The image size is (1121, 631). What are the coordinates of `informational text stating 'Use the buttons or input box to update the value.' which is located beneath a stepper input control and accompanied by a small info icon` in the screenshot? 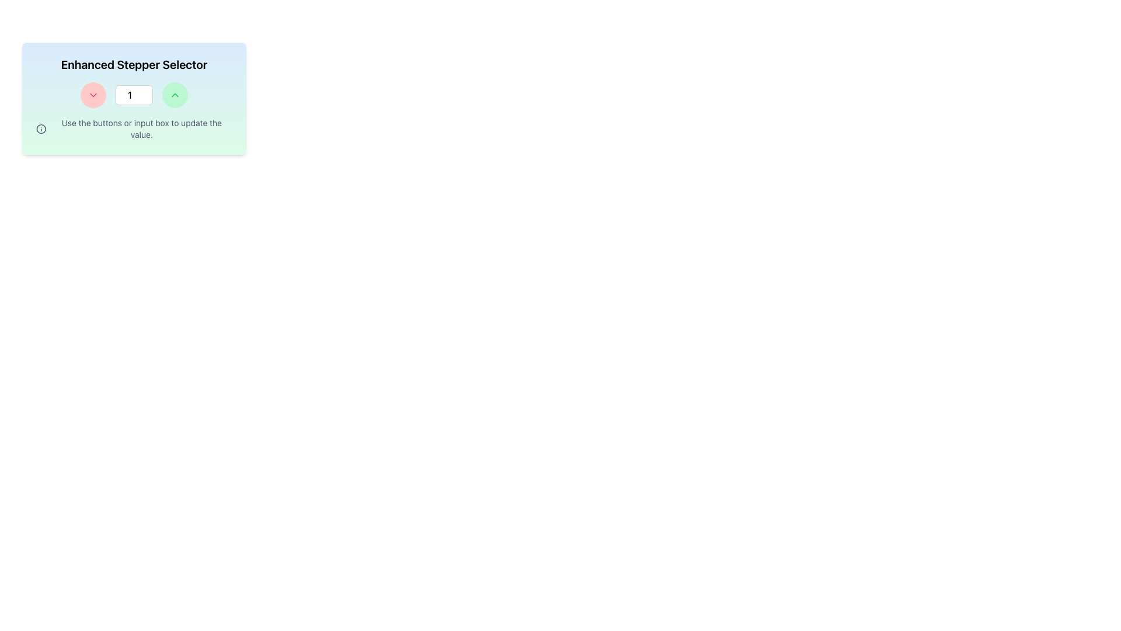 It's located at (134, 129).